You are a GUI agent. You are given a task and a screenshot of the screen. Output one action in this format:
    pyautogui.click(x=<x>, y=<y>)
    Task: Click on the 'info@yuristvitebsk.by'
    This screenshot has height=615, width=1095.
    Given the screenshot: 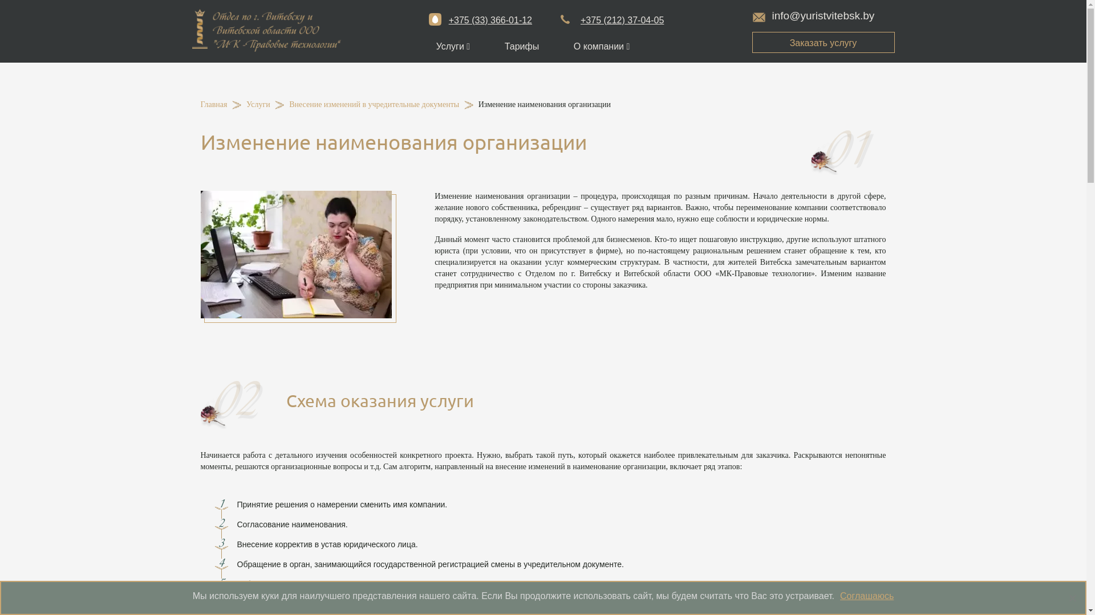 What is the action you would take?
    pyautogui.click(x=812, y=15)
    